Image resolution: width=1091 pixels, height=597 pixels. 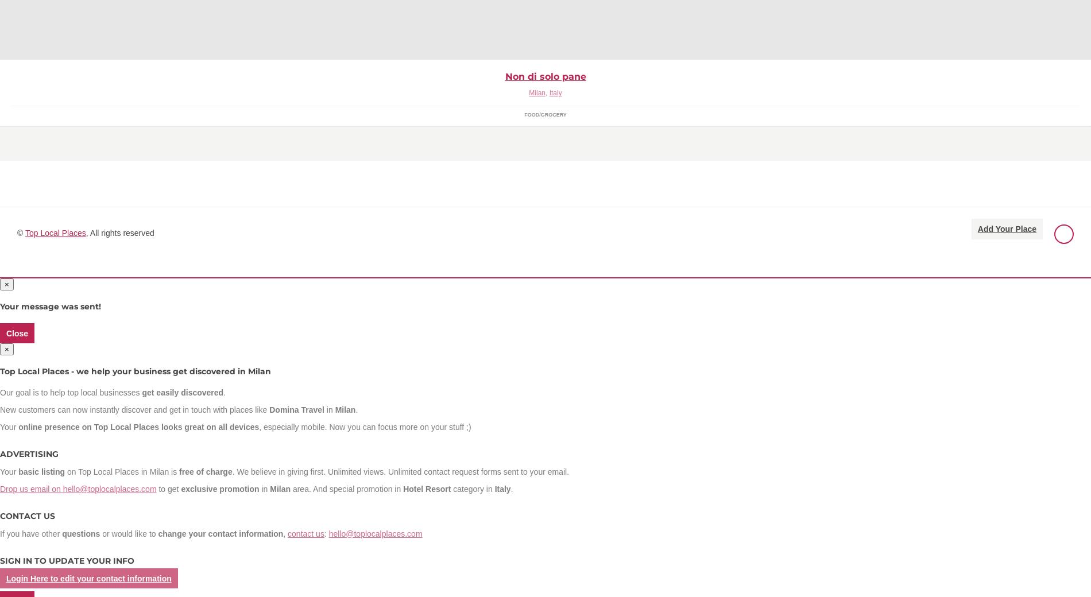 What do you see at coordinates (426, 488) in the screenshot?
I see `'Hotel Resort'` at bounding box center [426, 488].